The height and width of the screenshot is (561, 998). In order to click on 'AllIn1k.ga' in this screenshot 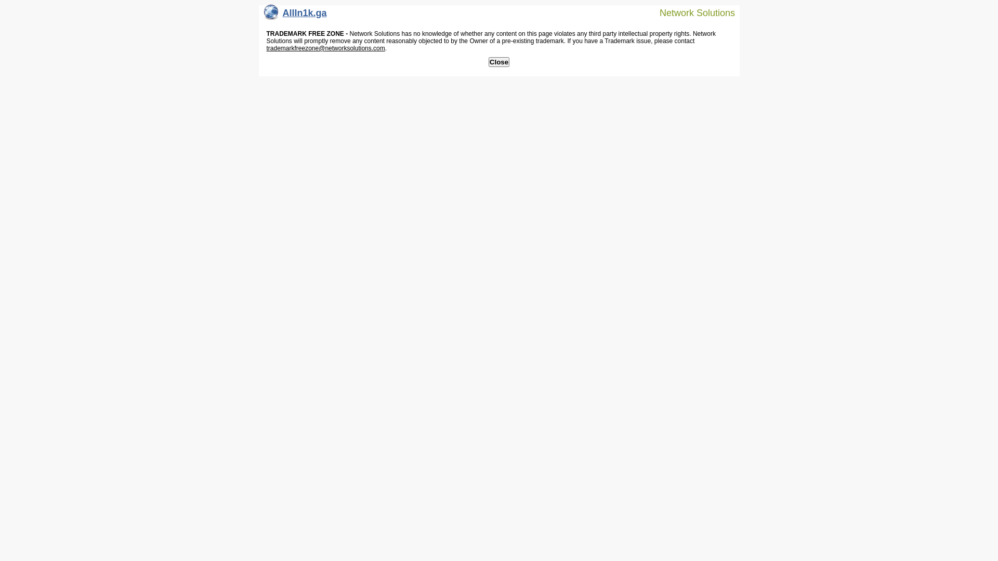, I will do `click(295, 15)`.